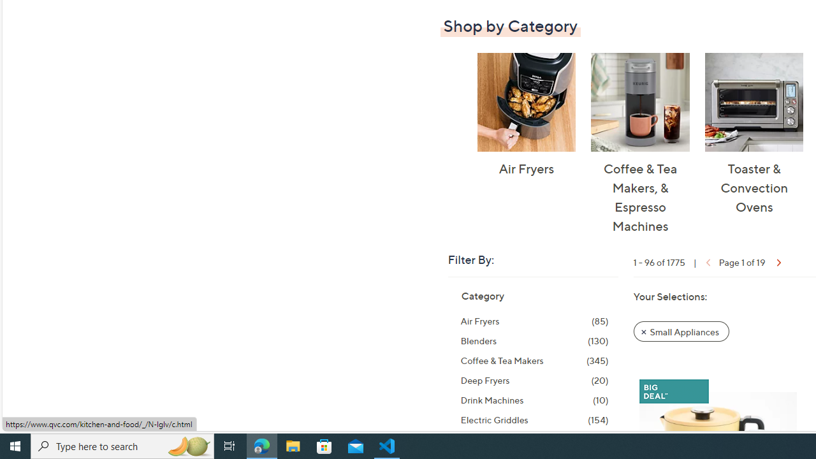 This screenshot has height=459, width=816. I want to click on 'Blenders, 130 items', so click(534, 340).